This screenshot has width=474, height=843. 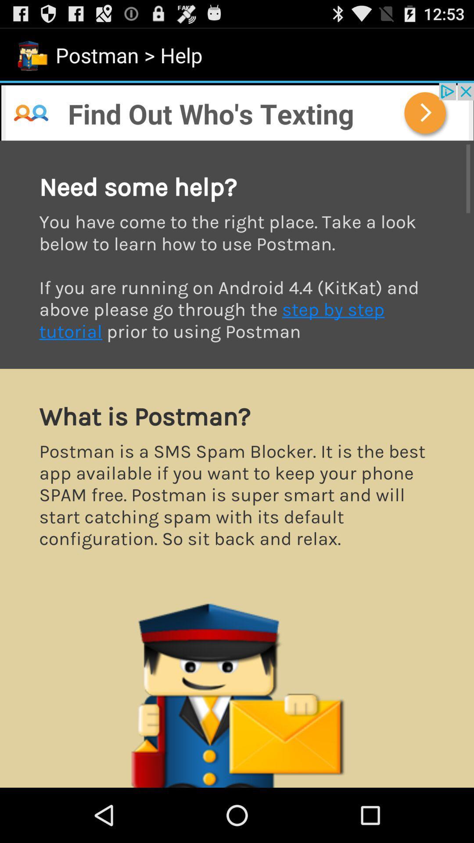 What do you see at coordinates (237, 464) in the screenshot?
I see `advertisement page` at bounding box center [237, 464].